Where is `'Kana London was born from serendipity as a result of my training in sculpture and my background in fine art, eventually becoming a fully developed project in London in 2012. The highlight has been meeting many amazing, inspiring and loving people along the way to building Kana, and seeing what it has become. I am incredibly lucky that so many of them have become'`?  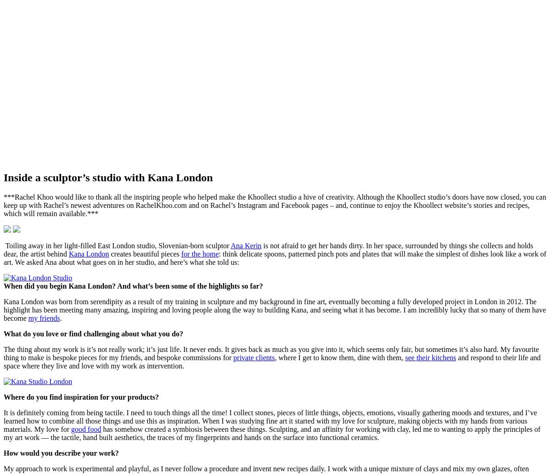 'Kana London was born from serendipity as a result of my training in sculpture and my background in fine art, eventually becoming a fully developed project in London in 2012. The highlight has been meeting many amazing, inspiring and loving people along the way to building Kana, and seeing what it has become. I am incredibly lucky that so many of them have become' is located at coordinates (274, 309).